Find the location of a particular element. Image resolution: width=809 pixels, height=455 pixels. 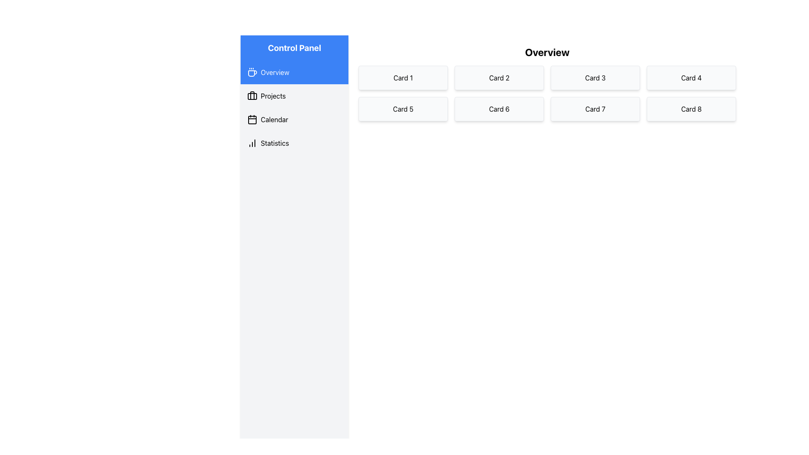

the card labeled 'Card 2' which has a rounded border and a light gray background, positioned in the second column of the grid layout is located at coordinates (499, 78).